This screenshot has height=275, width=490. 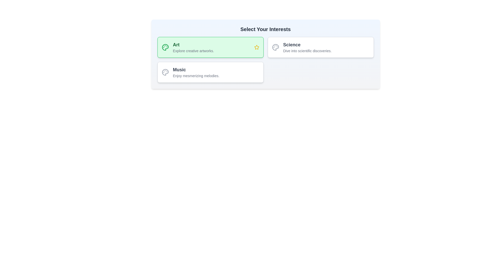 What do you see at coordinates (320, 47) in the screenshot?
I see `the category Science by clicking its button` at bounding box center [320, 47].